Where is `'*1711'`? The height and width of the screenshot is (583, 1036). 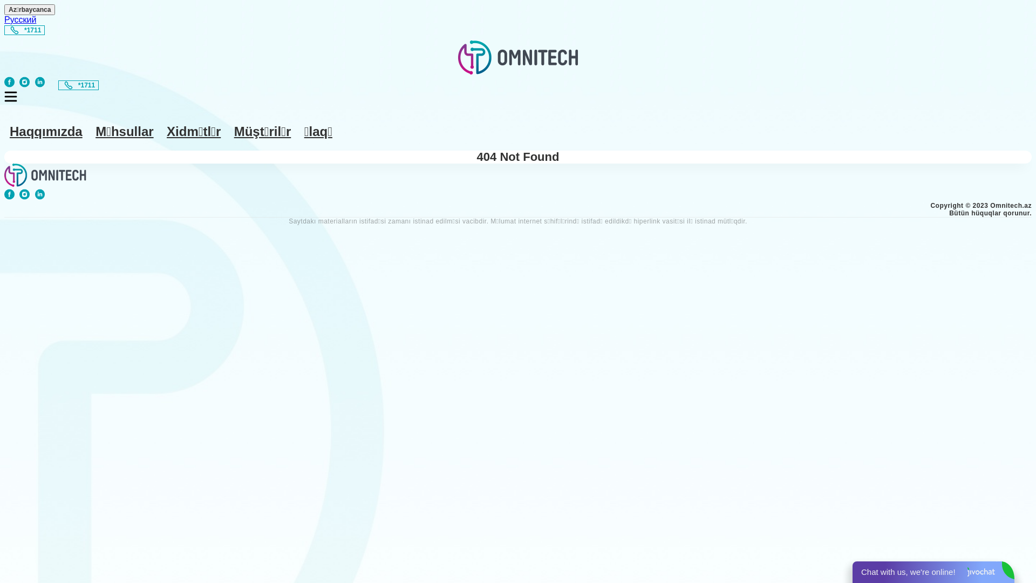
'*1711' is located at coordinates (78, 84).